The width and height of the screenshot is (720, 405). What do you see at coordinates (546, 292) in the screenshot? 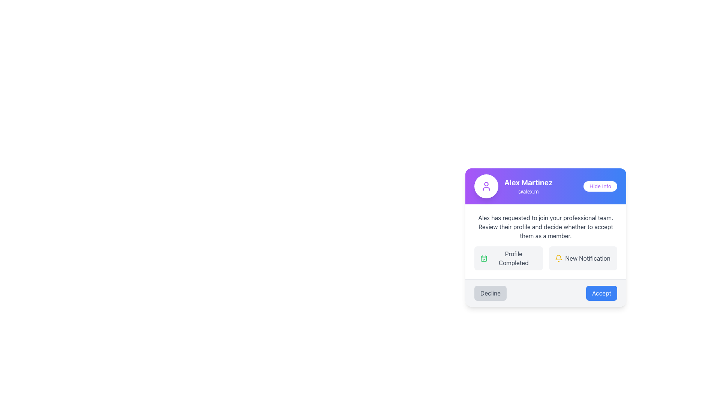
I see `the 'Accept' button on the right side of the composite containing two horizontally aligned buttons to approve the request` at bounding box center [546, 292].